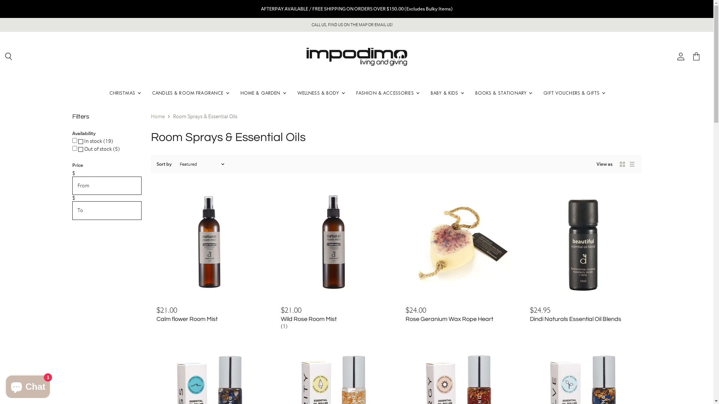  I want to click on 'GIFT VOUCHERS & GIFTS', so click(573, 92).